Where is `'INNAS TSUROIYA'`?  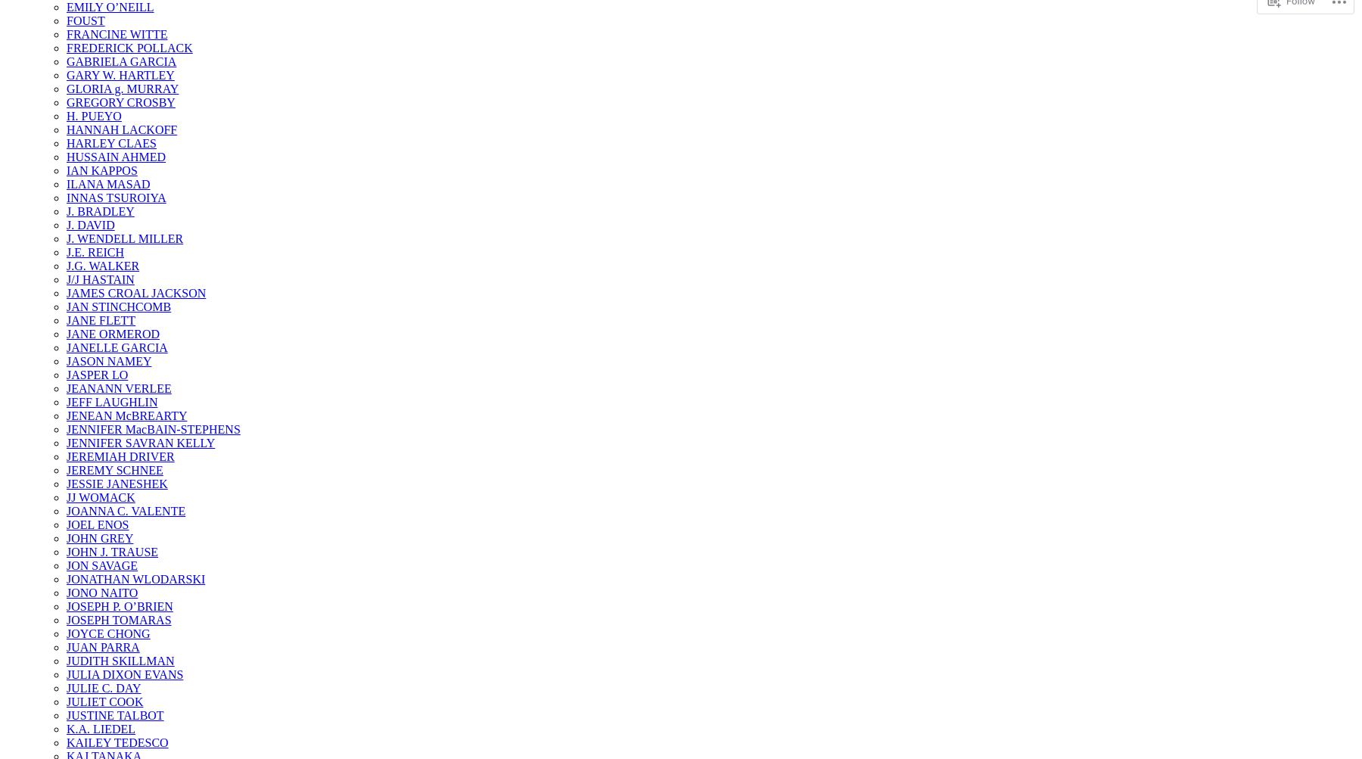 'INNAS TSUROIYA' is located at coordinates (116, 198).